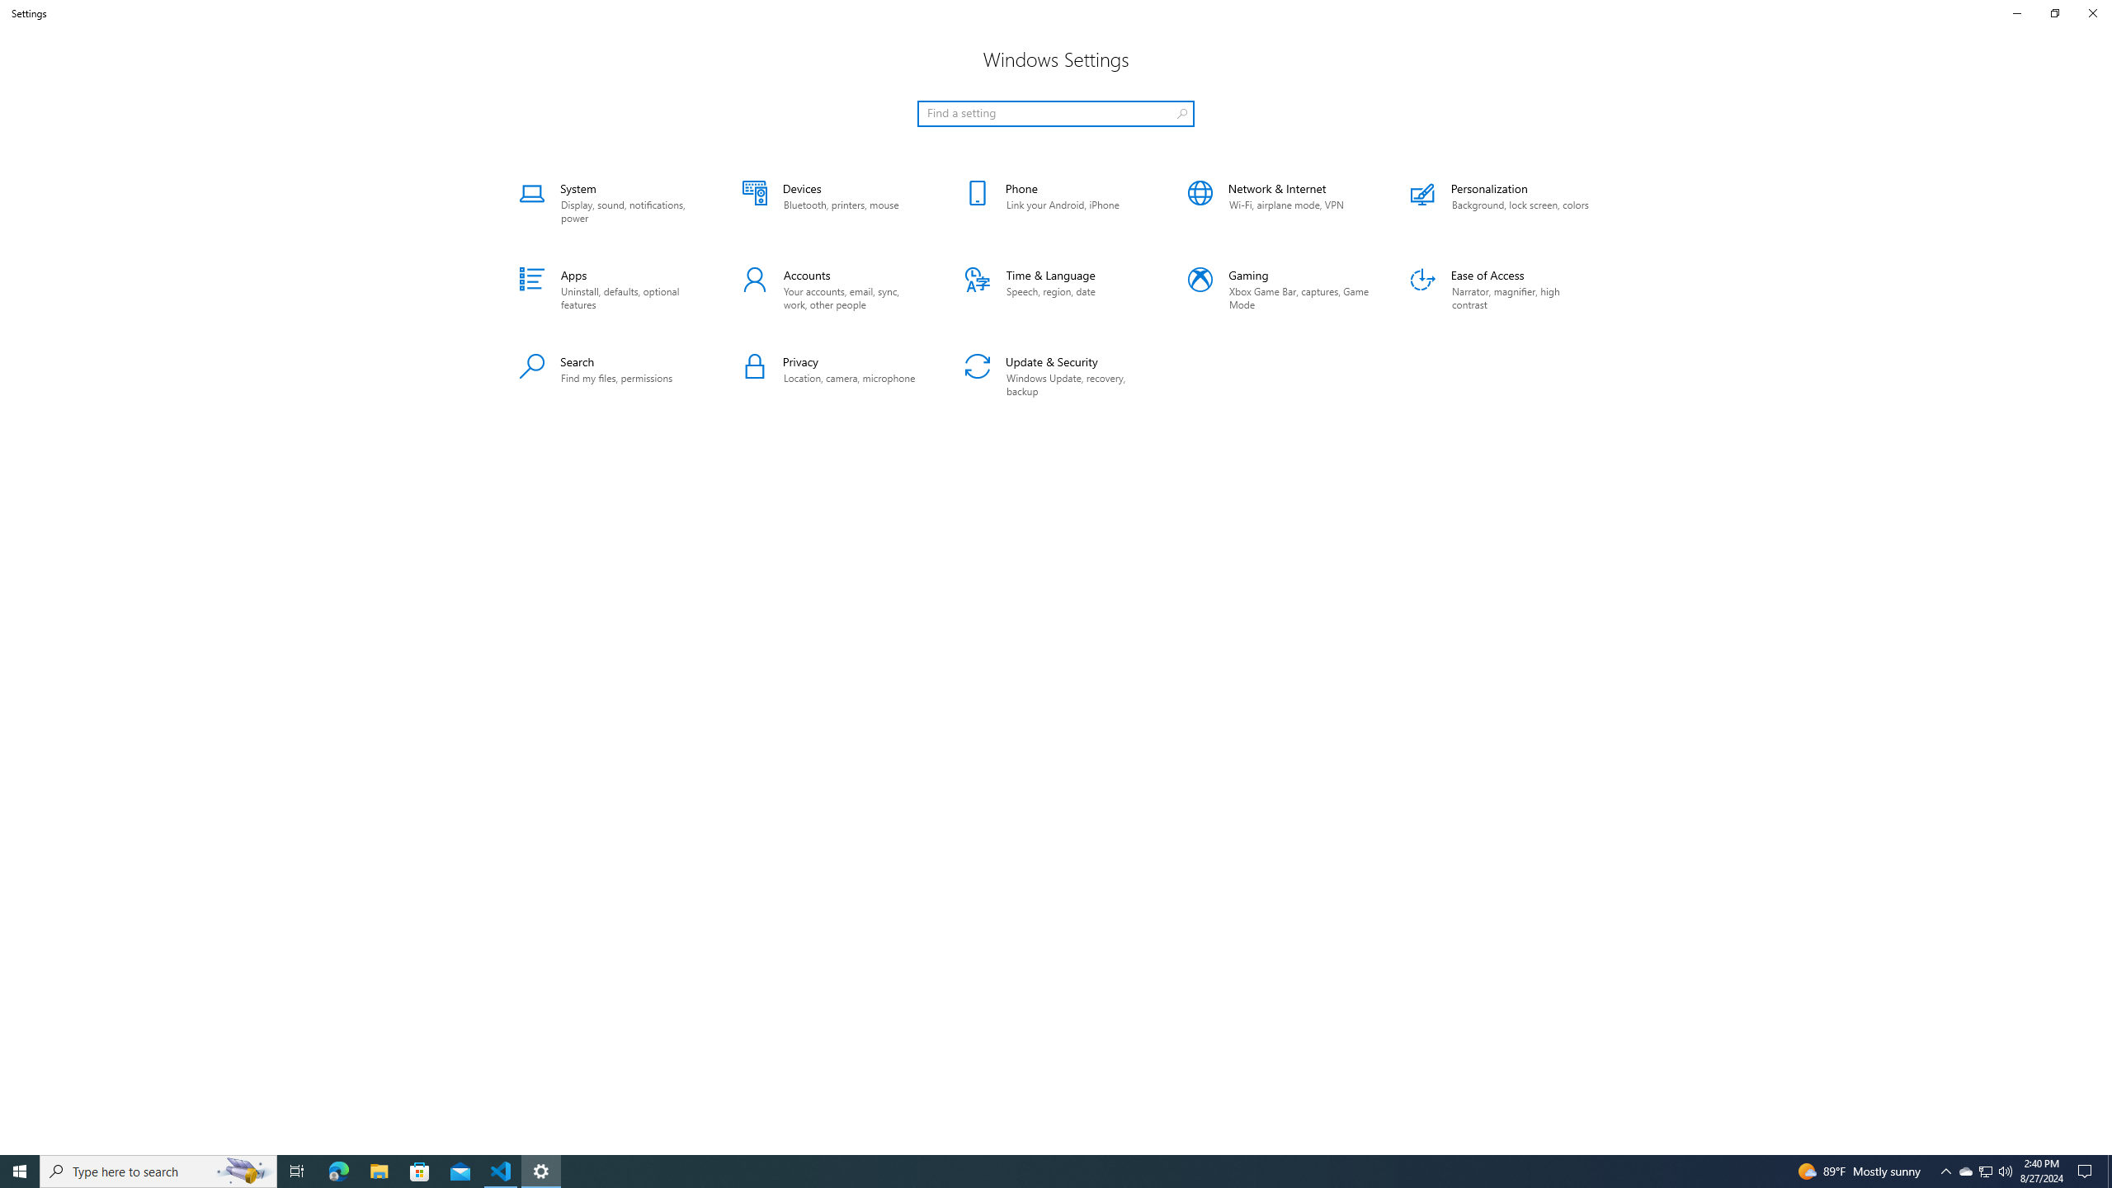 The height and width of the screenshot is (1188, 2112). What do you see at coordinates (609, 376) in the screenshot?
I see `'Search'` at bounding box center [609, 376].